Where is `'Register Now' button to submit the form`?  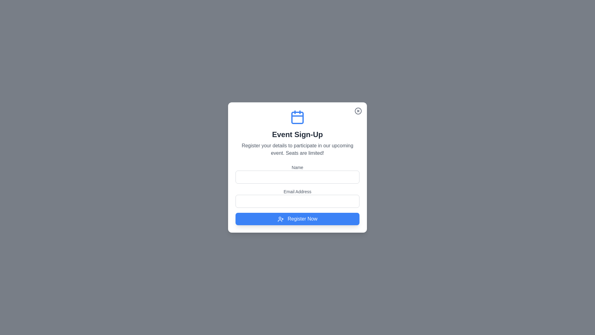
'Register Now' button to submit the form is located at coordinates (297, 218).